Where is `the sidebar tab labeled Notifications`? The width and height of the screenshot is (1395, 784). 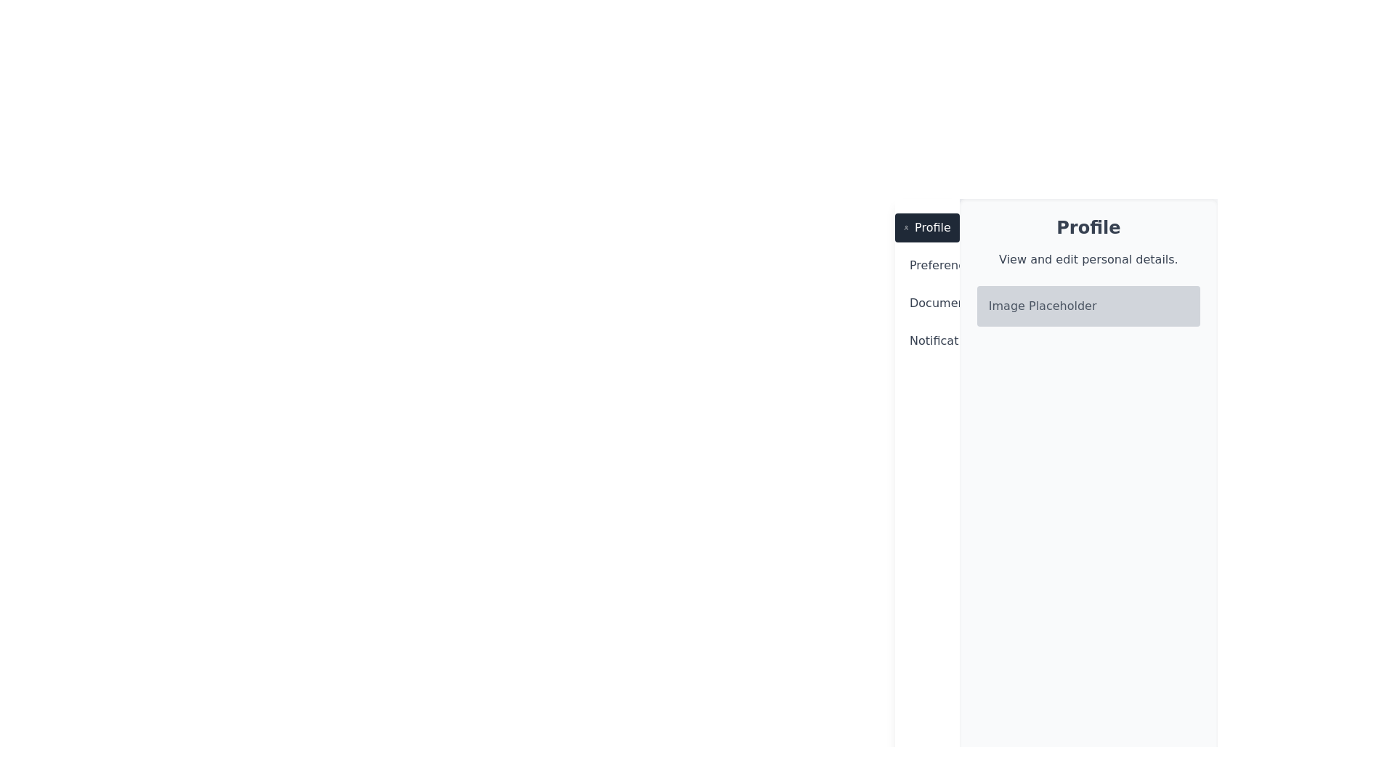 the sidebar tab labeled Notifications is located at coordinates (926, 341).